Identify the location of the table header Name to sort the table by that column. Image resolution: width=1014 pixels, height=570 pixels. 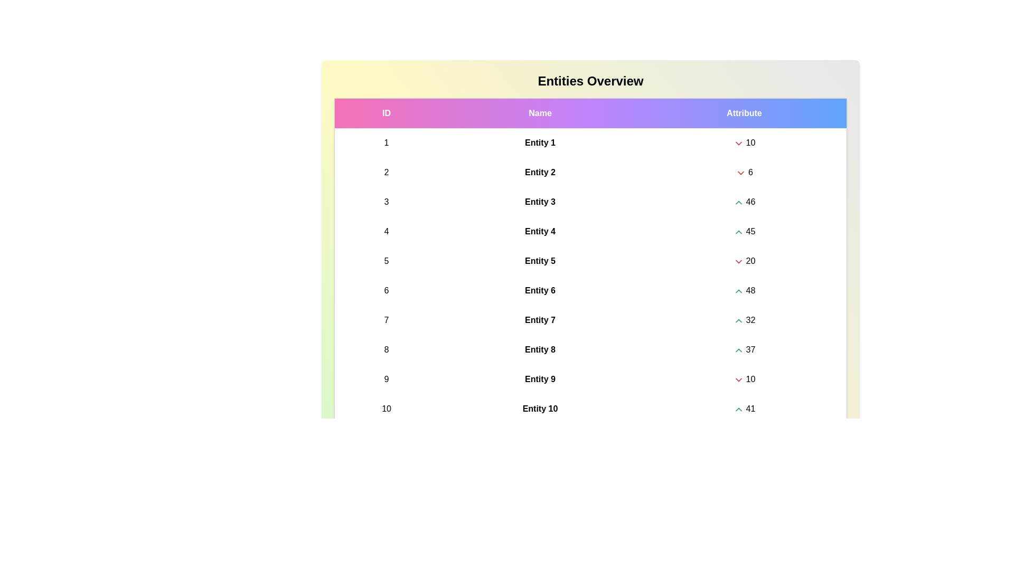
(540, 113).